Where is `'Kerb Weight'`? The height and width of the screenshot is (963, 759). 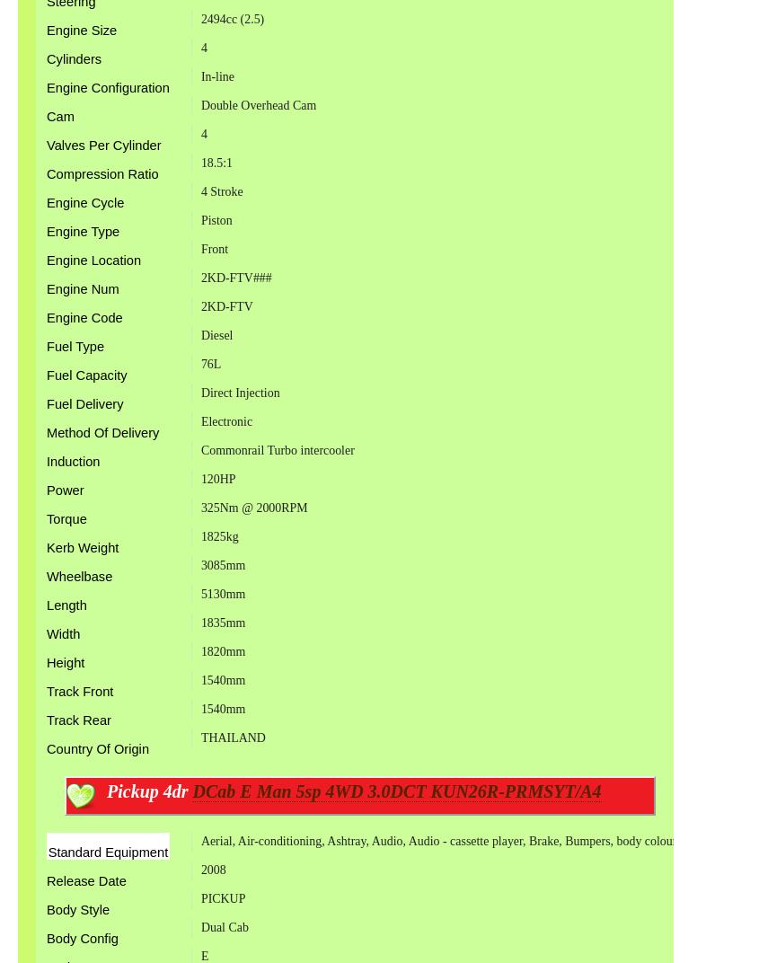
'Kerb Weight' is located at coordinates (83, 547).